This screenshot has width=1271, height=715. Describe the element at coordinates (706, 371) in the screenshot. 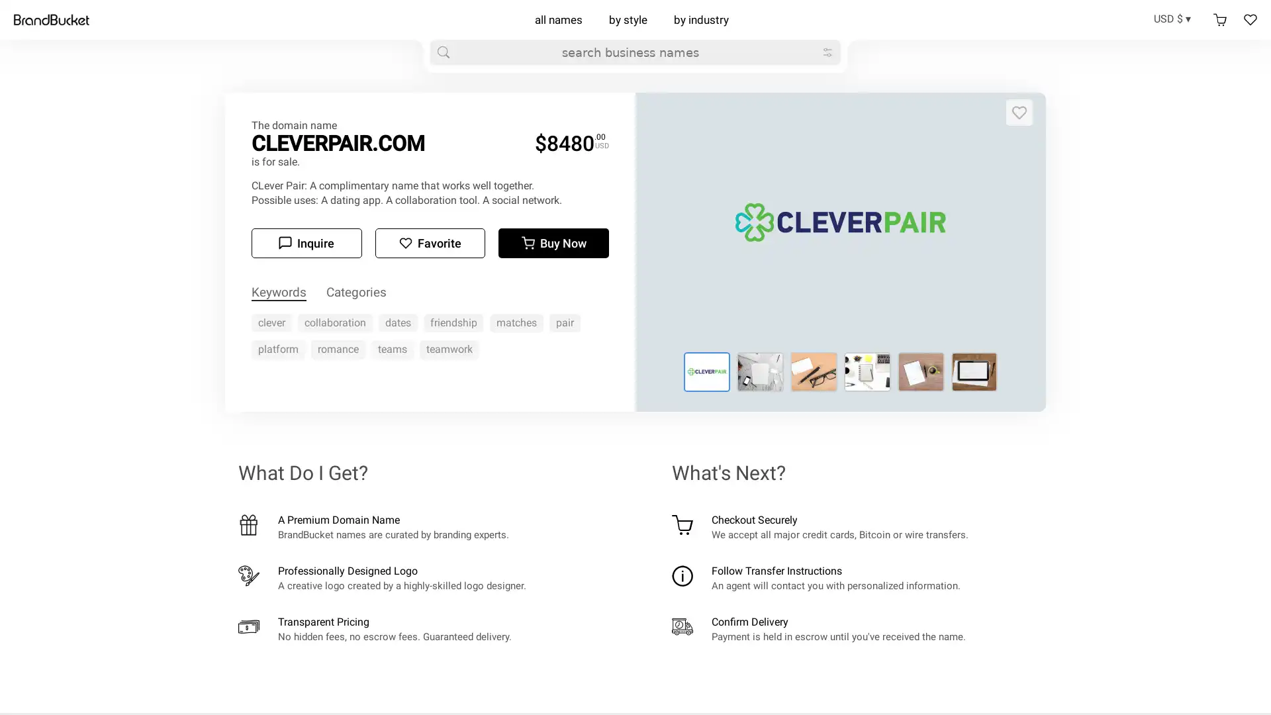

I see `Logo for cleverpair.com` at that location.